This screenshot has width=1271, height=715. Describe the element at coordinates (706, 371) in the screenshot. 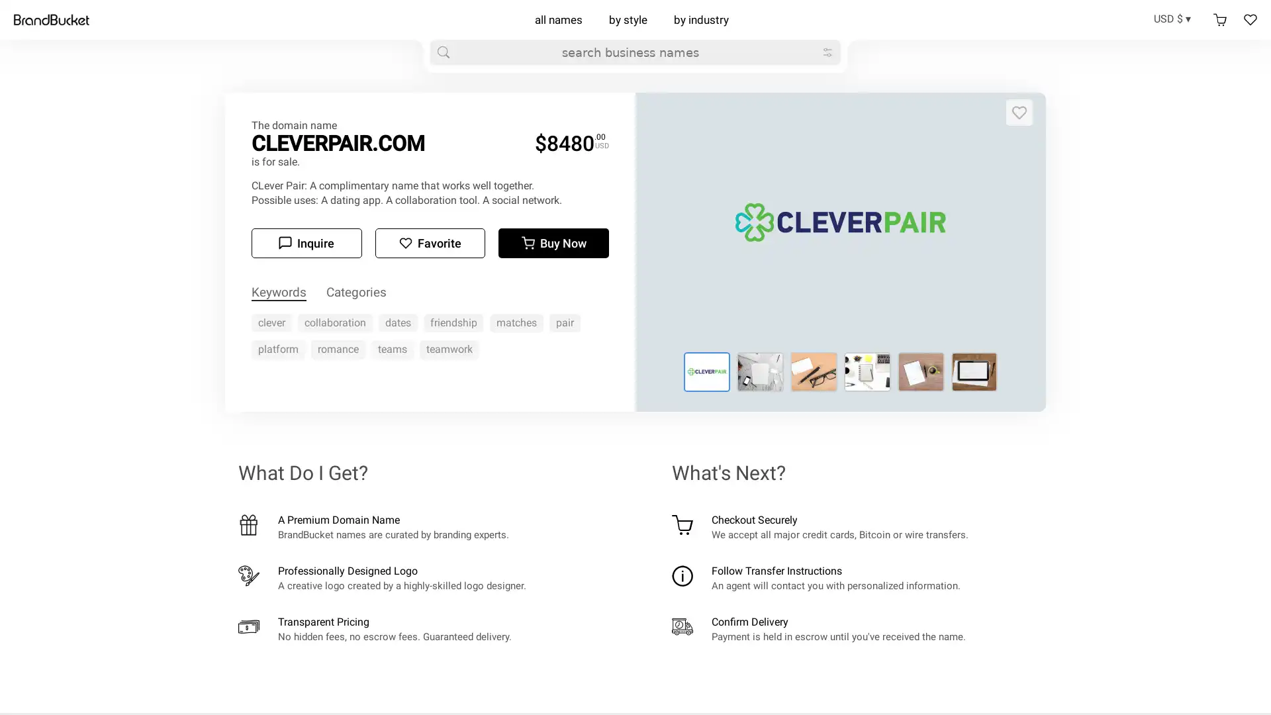

I see `Logo for cleverpair.com` at that location.